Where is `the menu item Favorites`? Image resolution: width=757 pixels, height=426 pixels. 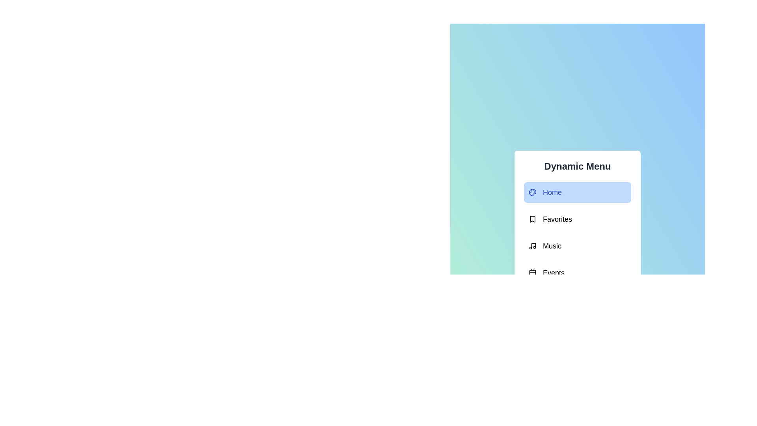
the menu item Favorites is located at coordinates (577, 219).